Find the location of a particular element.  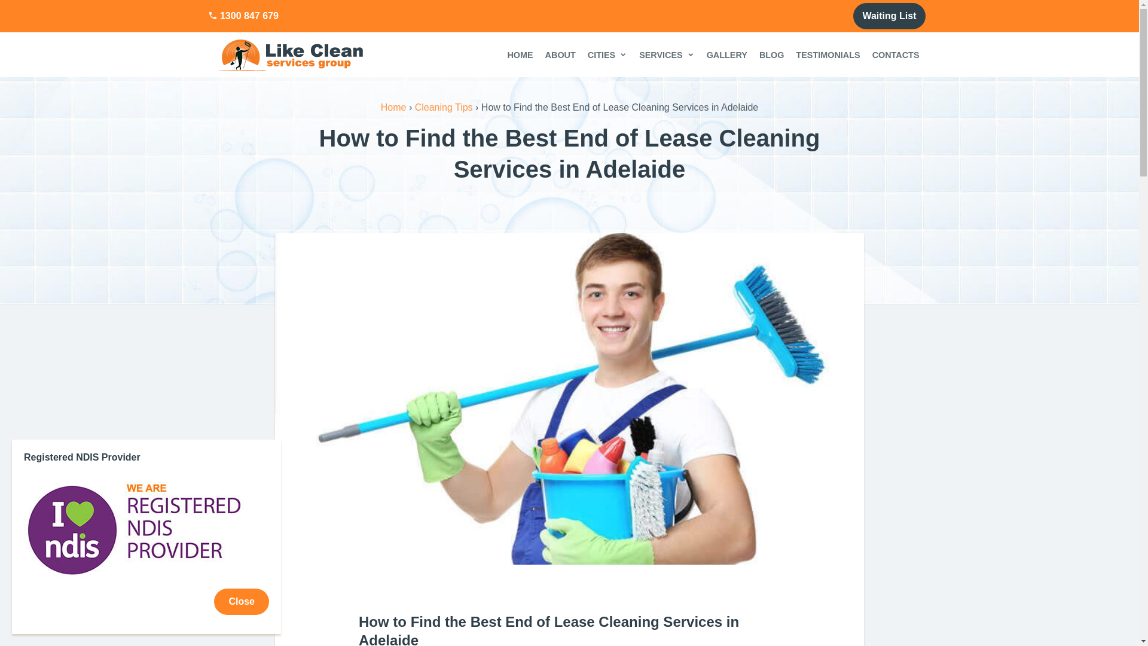

'Waiting List' is located at coordinates (889, 16).